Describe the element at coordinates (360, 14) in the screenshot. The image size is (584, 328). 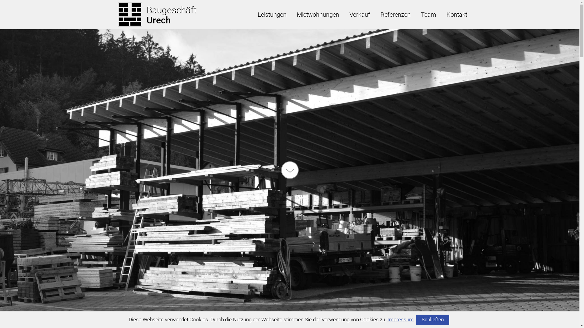
I see `'Verkauf'` at that location.